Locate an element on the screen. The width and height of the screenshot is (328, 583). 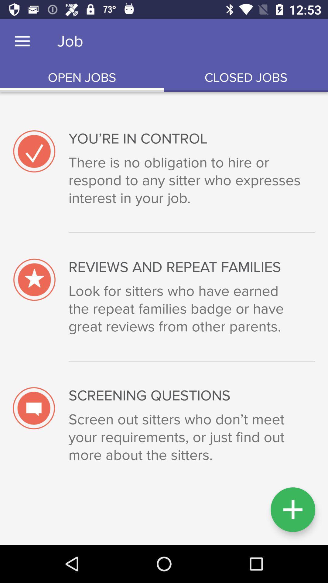
item to the left of the closed jobs is located at coordinates (82, 77).